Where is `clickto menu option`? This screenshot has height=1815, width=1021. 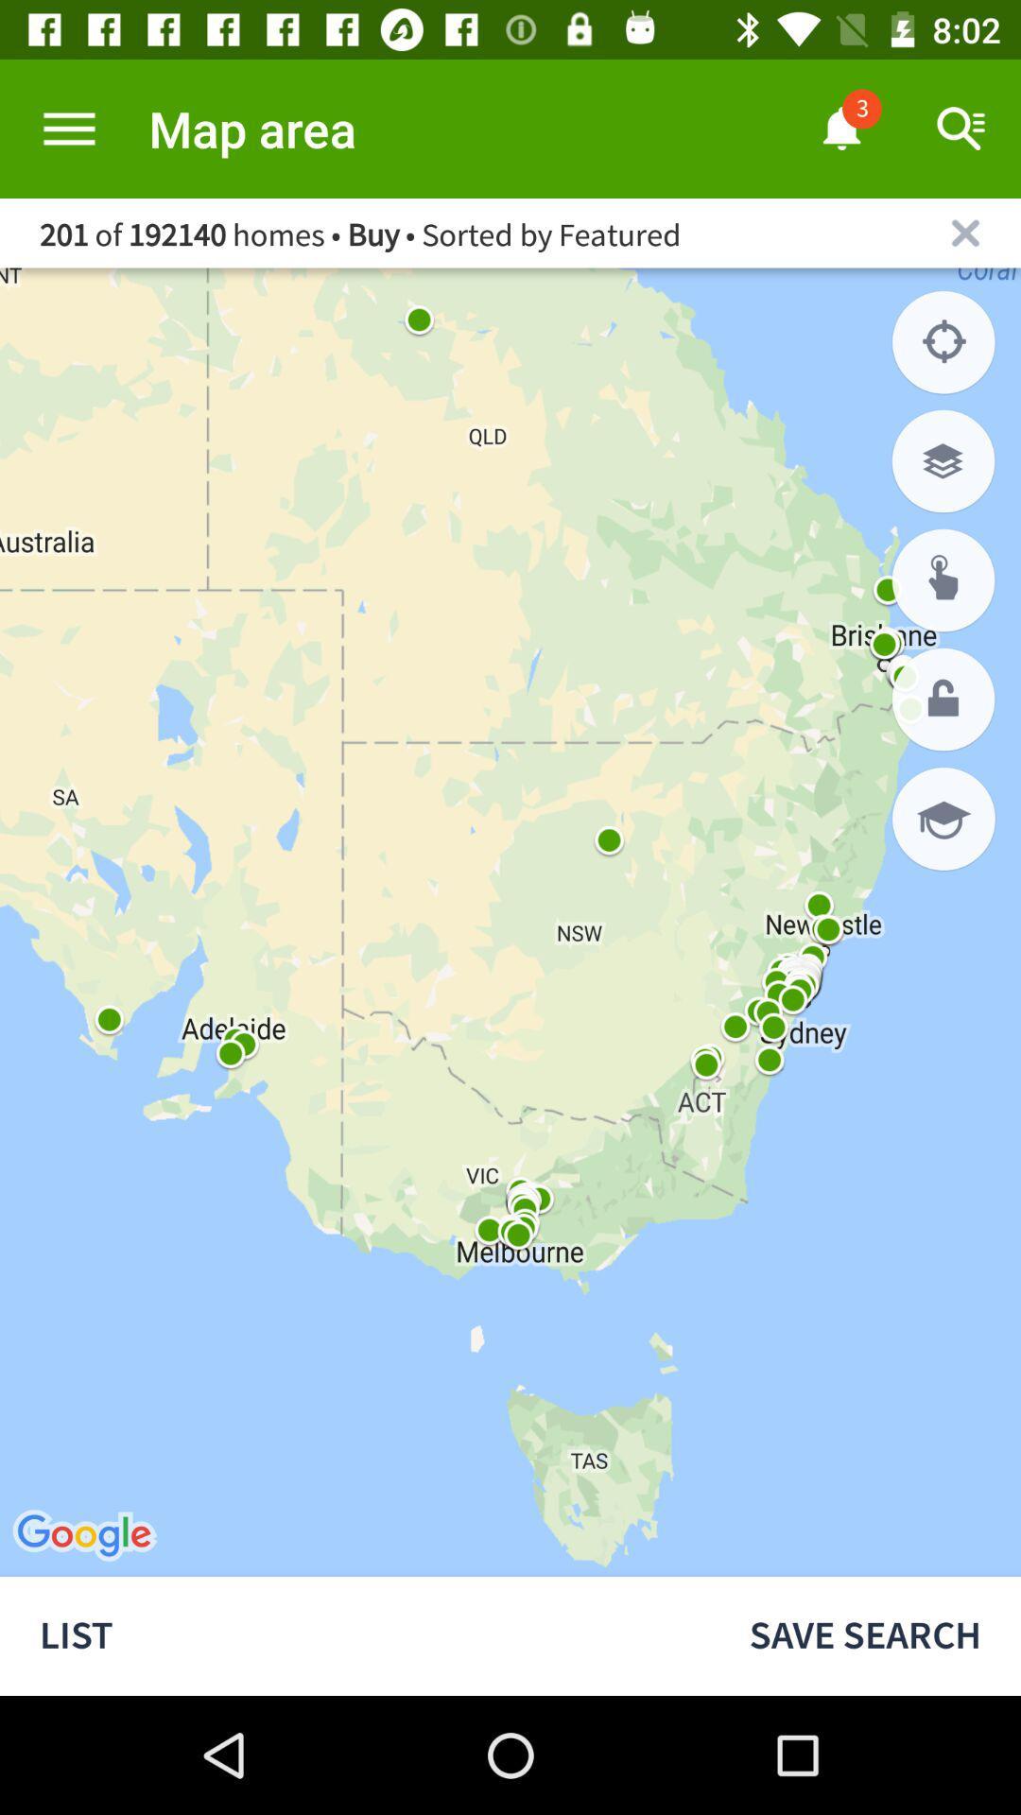
clickto menu option is located at coordinates (68, 128).